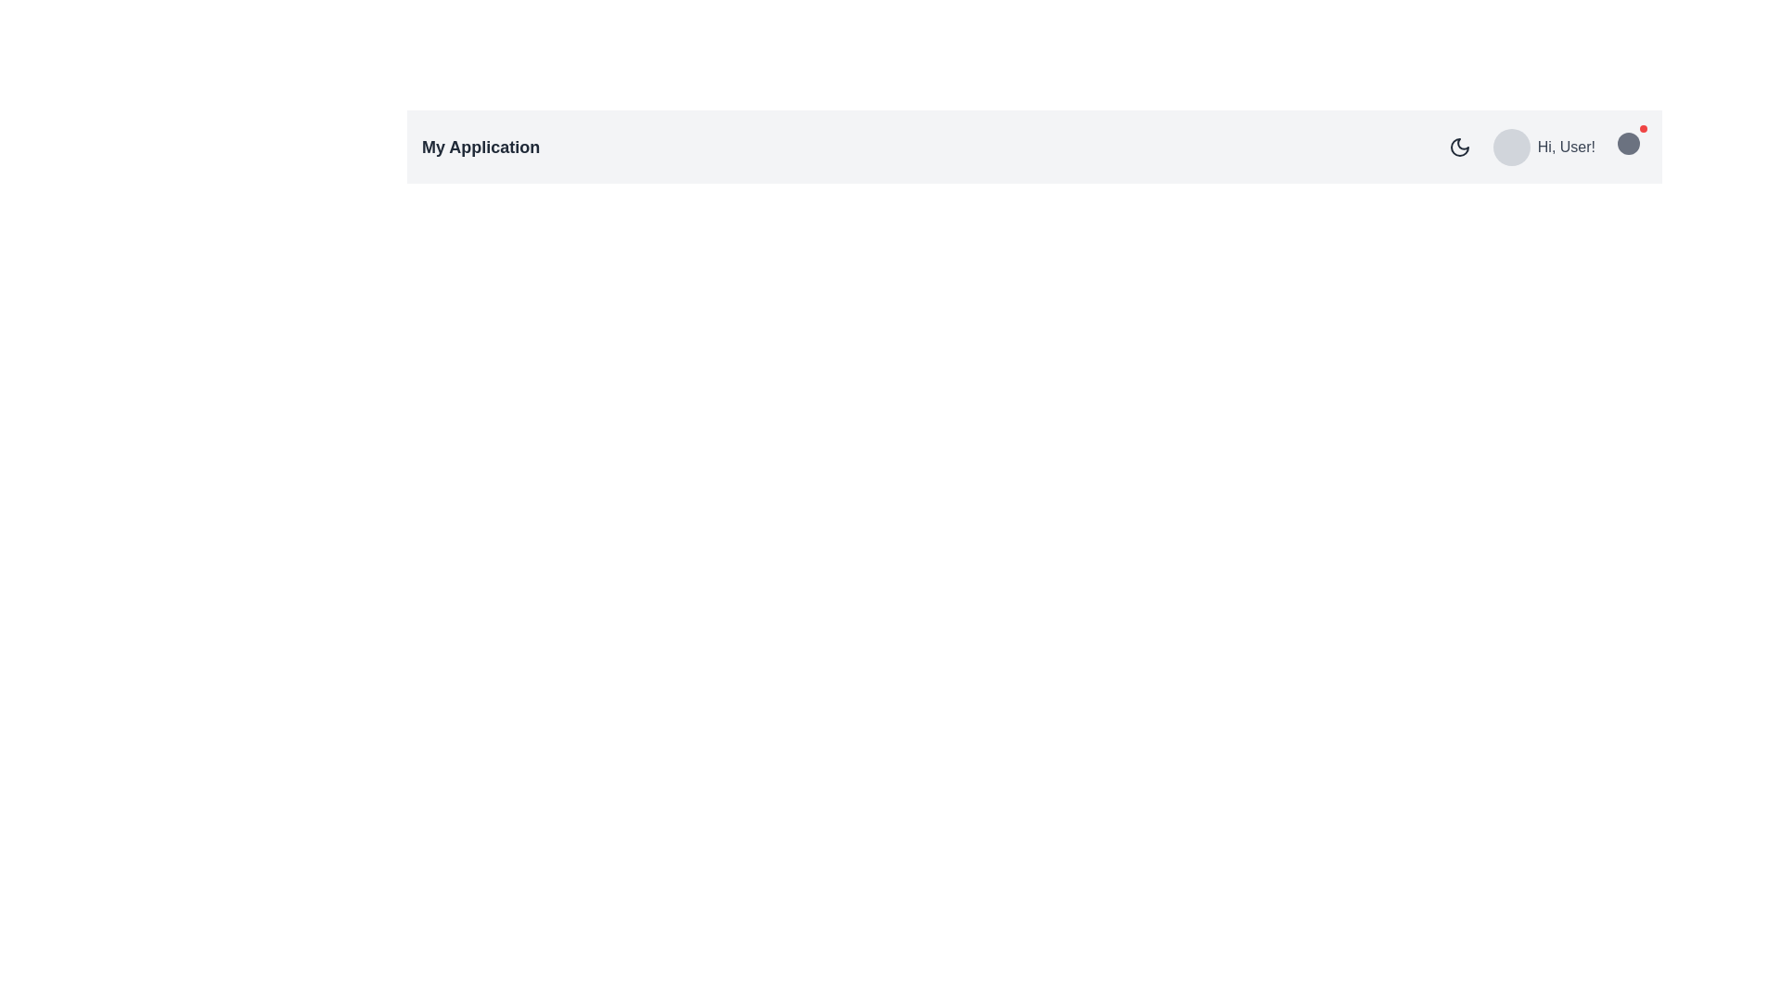 This screenshot has width=1781, height=1002. Describe the element at coordinates (1458, 146) in the screenshot. I see `the moon icon, which is a crescent-shaped SVG icon with a circular outline, located in the top-right section of the interface header` at that location.